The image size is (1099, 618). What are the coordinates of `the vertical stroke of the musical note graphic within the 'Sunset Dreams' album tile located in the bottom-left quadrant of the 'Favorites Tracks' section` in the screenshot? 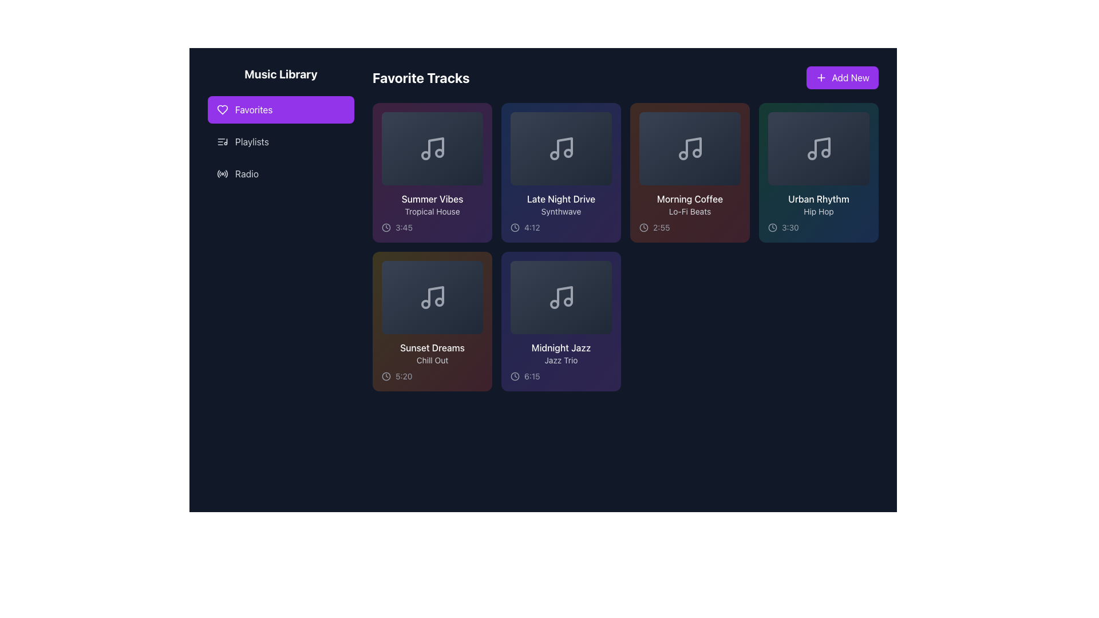 It's located at (435, 295).